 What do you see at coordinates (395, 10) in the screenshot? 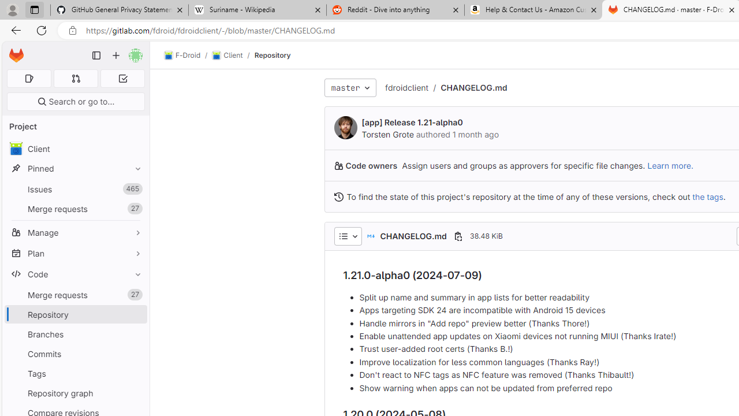
I see `'Reddit - Dive into anything'` at bounding box center [395, 10].